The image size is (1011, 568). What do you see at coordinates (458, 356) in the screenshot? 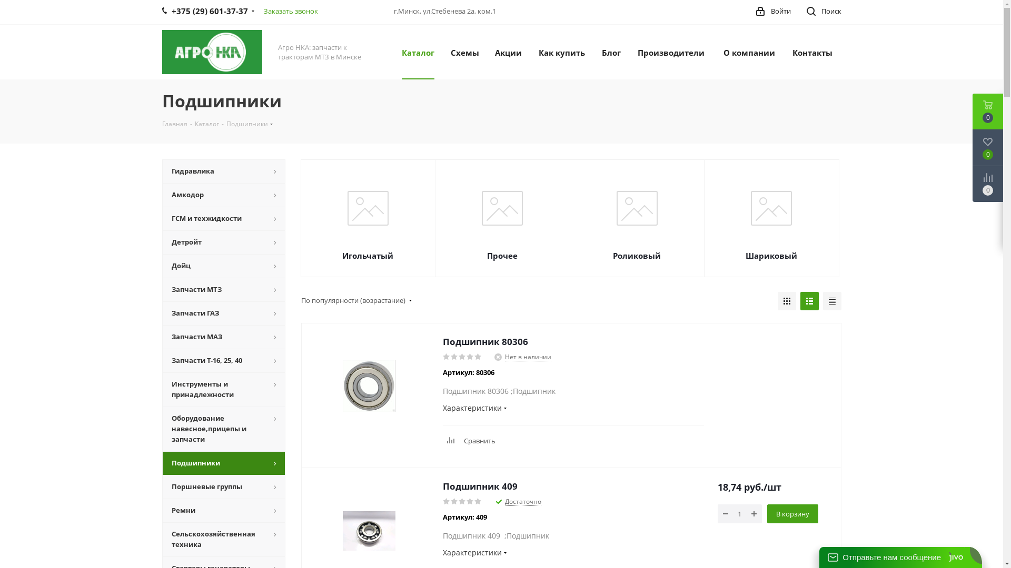
I see `'3'` at bounding box center [458, 356].